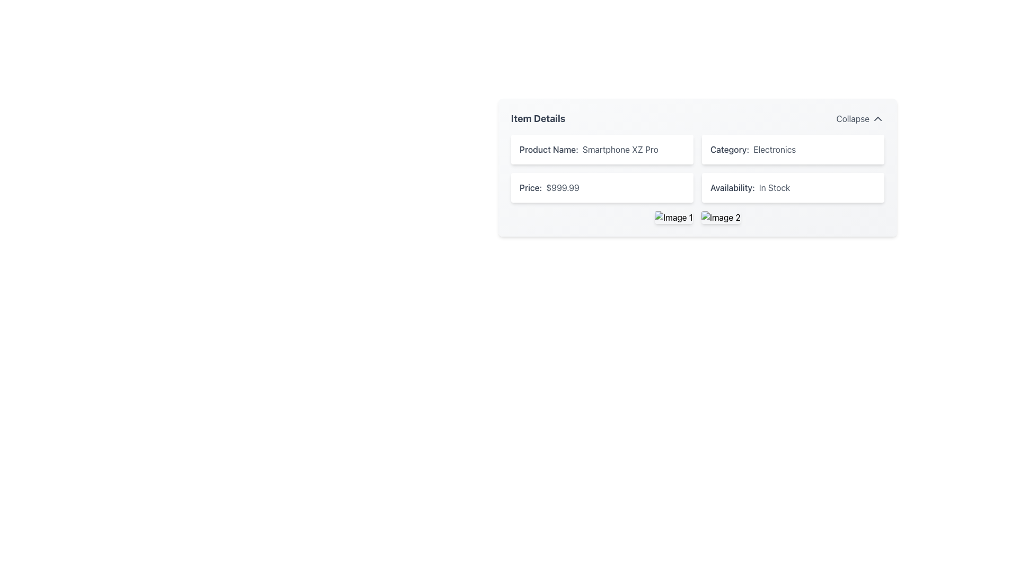 The image size is (1018, 573). What do you see at coordinates (860, 118) in the screenshot?
I see `the 'Collapse' button located in the top-right corner of the 'Item Details' section` at bounding box center [860, 118].